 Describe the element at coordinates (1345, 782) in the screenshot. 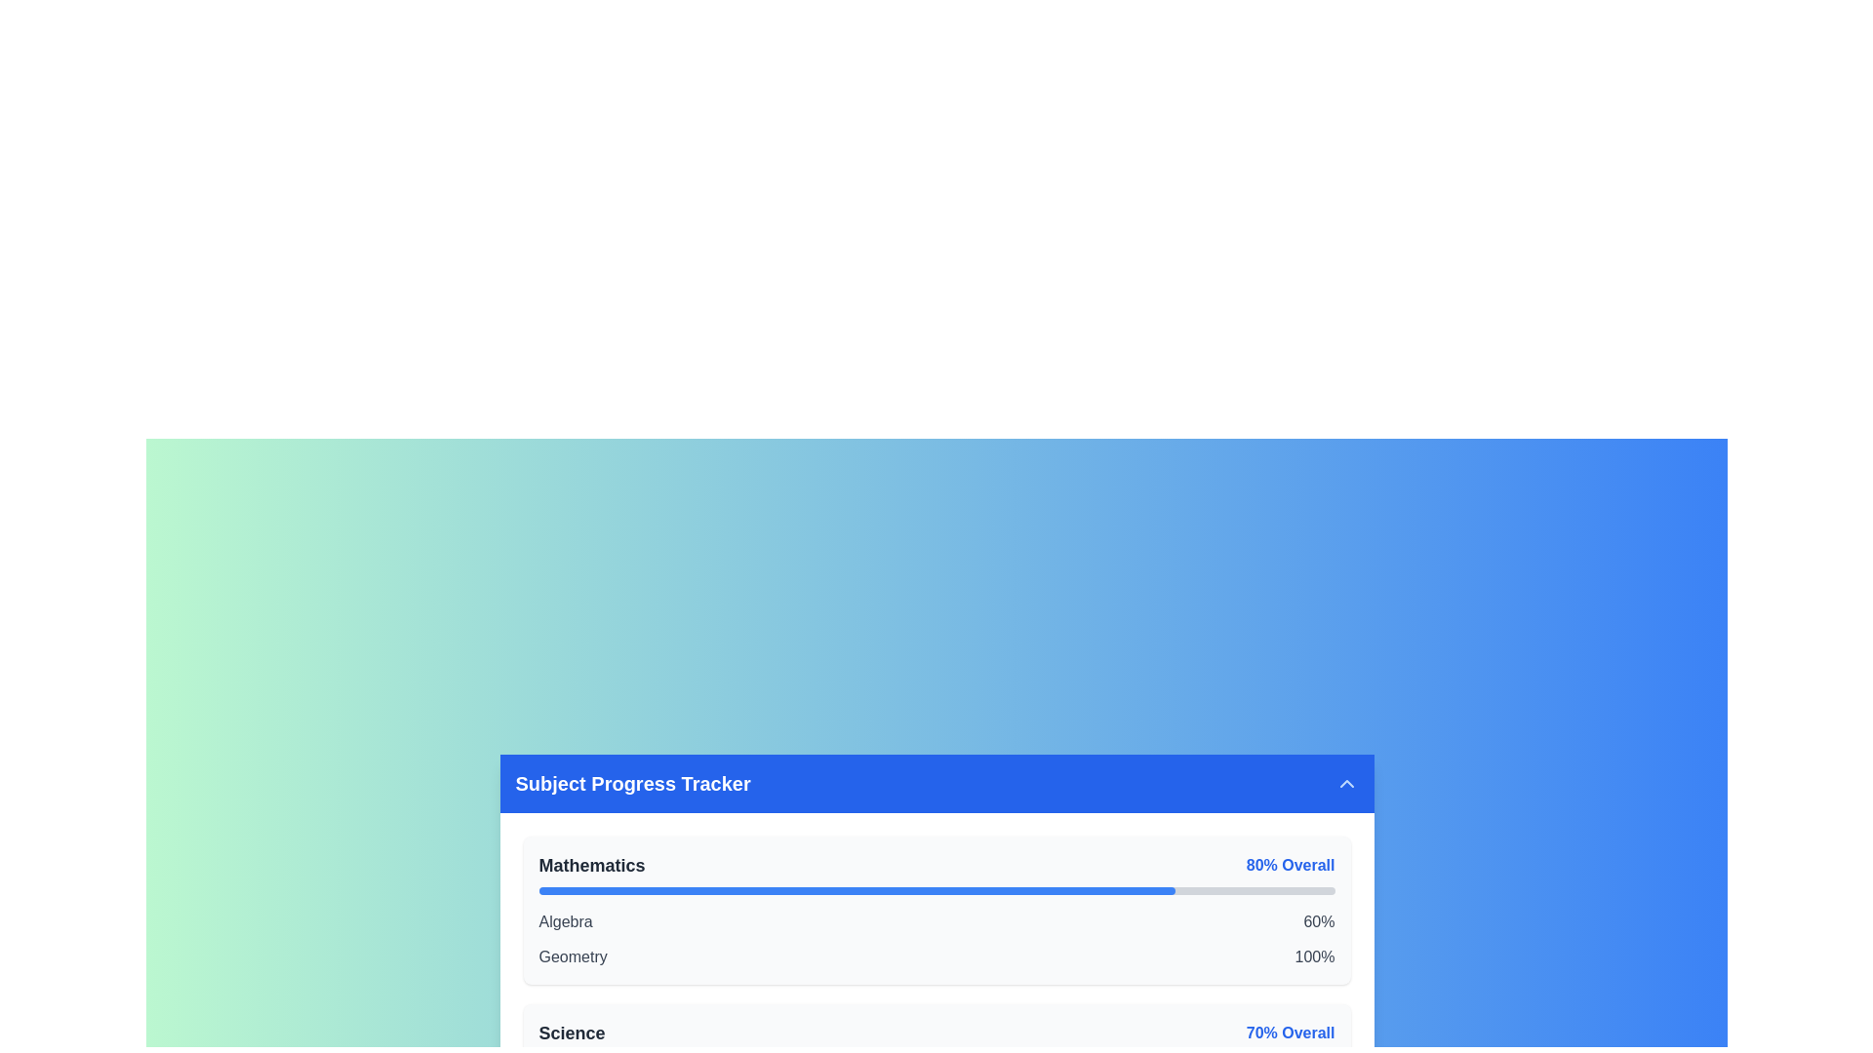

I see `the interactive button located at the far-right side of the blue header bar labeled 'Subject Progress Tracker'` at that location.